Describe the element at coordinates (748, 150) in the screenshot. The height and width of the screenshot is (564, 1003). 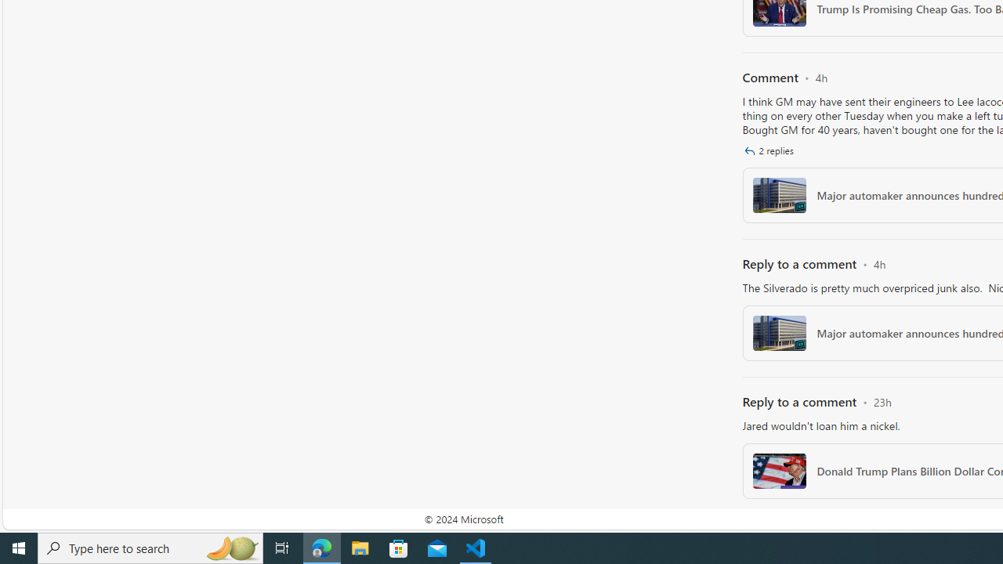
I see `'Class: cwt-icon-vector'` at that location.